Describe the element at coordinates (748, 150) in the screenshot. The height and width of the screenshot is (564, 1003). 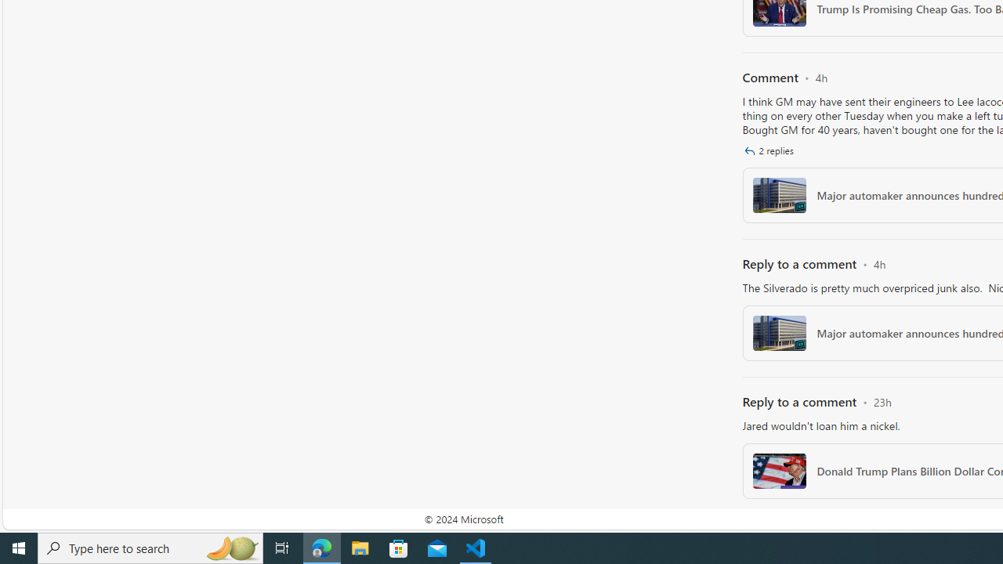
I see `'Class: cwt-icon-vector'` at that location.